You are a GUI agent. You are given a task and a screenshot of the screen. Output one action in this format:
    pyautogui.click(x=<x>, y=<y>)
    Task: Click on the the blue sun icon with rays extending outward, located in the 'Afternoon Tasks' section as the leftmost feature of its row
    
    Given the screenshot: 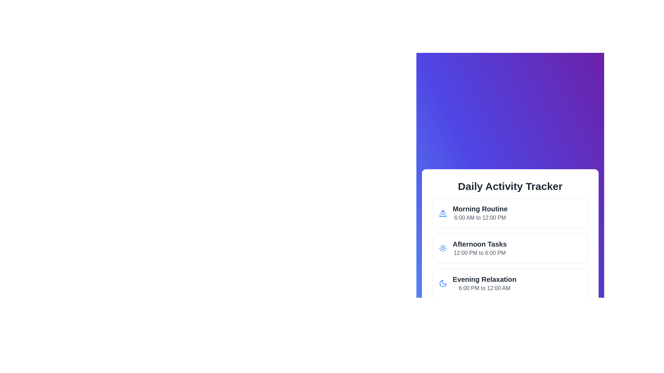 What is the action you would take?
    pyautogui.click(x=443, y=248)
    